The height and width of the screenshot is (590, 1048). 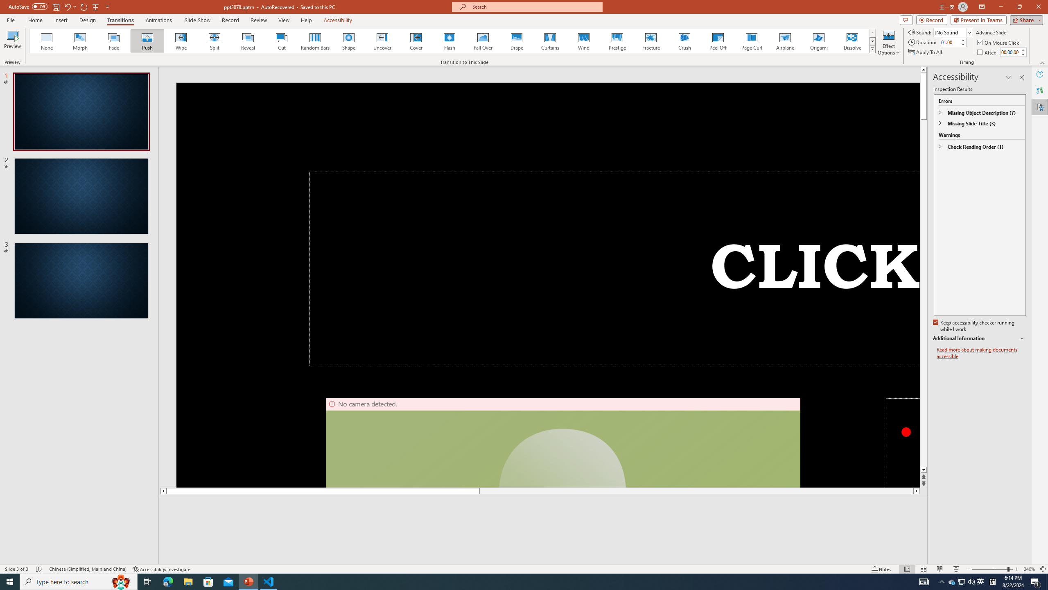 What do you see at coordinates (80, 41) in the screenshot?
I see `'Morph'` at bounding box center [80, 41].